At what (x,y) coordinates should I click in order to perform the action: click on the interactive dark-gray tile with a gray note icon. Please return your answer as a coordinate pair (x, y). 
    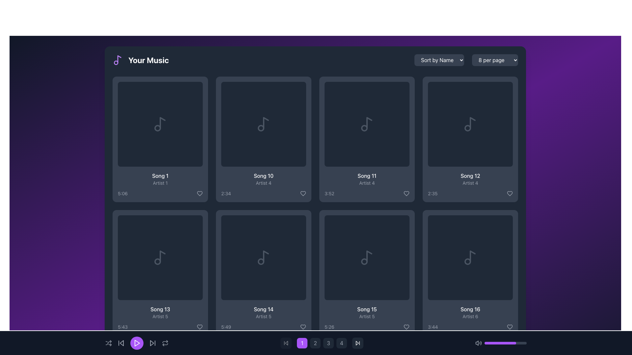
    Looking at the image, I should click on (366, 257).